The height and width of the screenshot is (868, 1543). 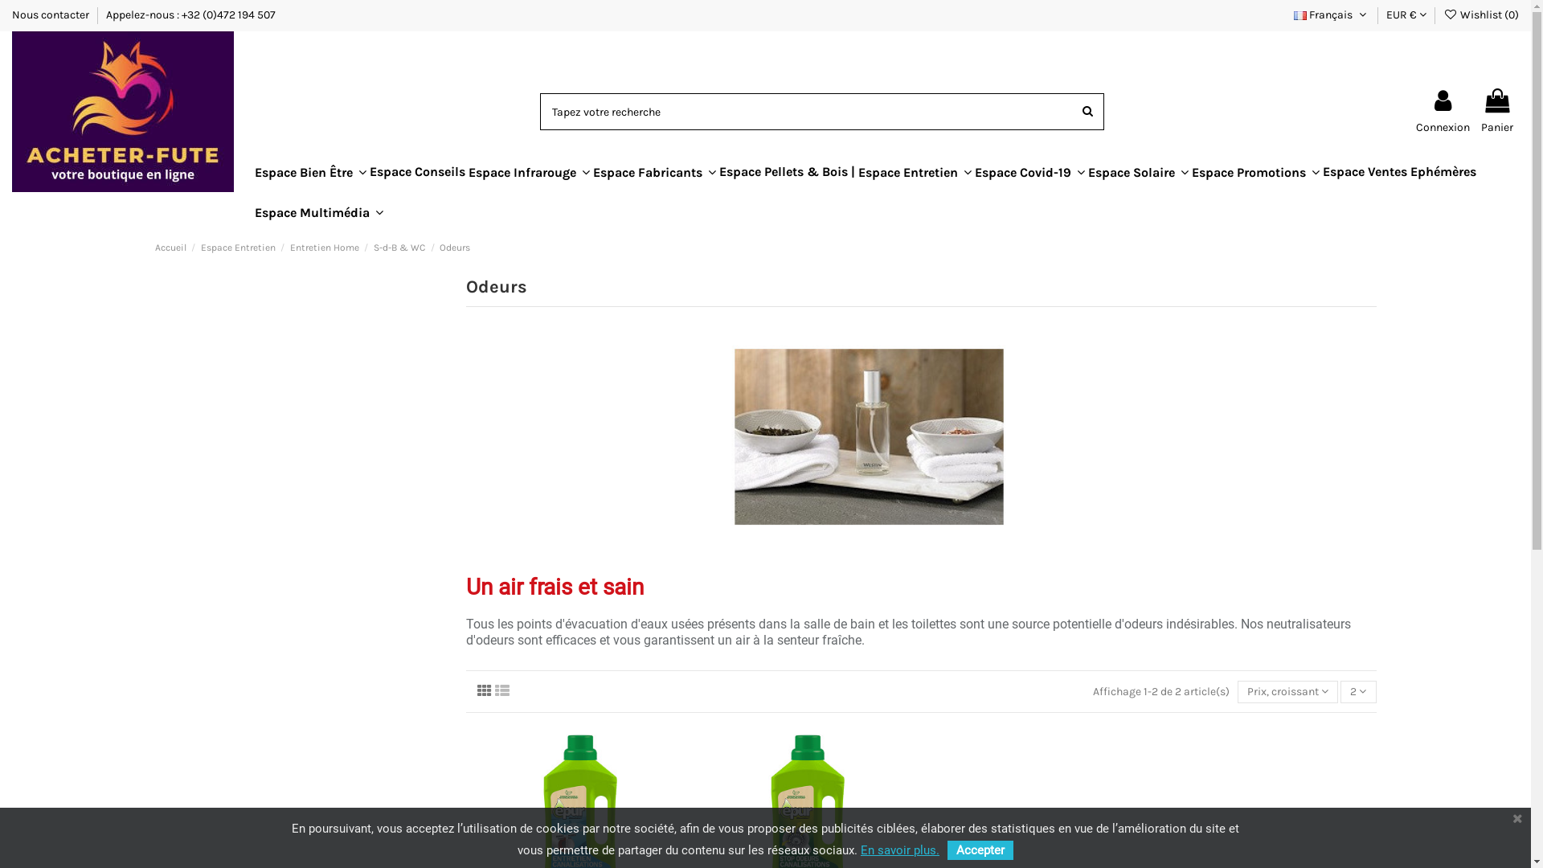 What do you see at coordinates (1443, 14) in the screenshot?
I see `'Wishlist (0)'` at bounding box center [1443, 14].